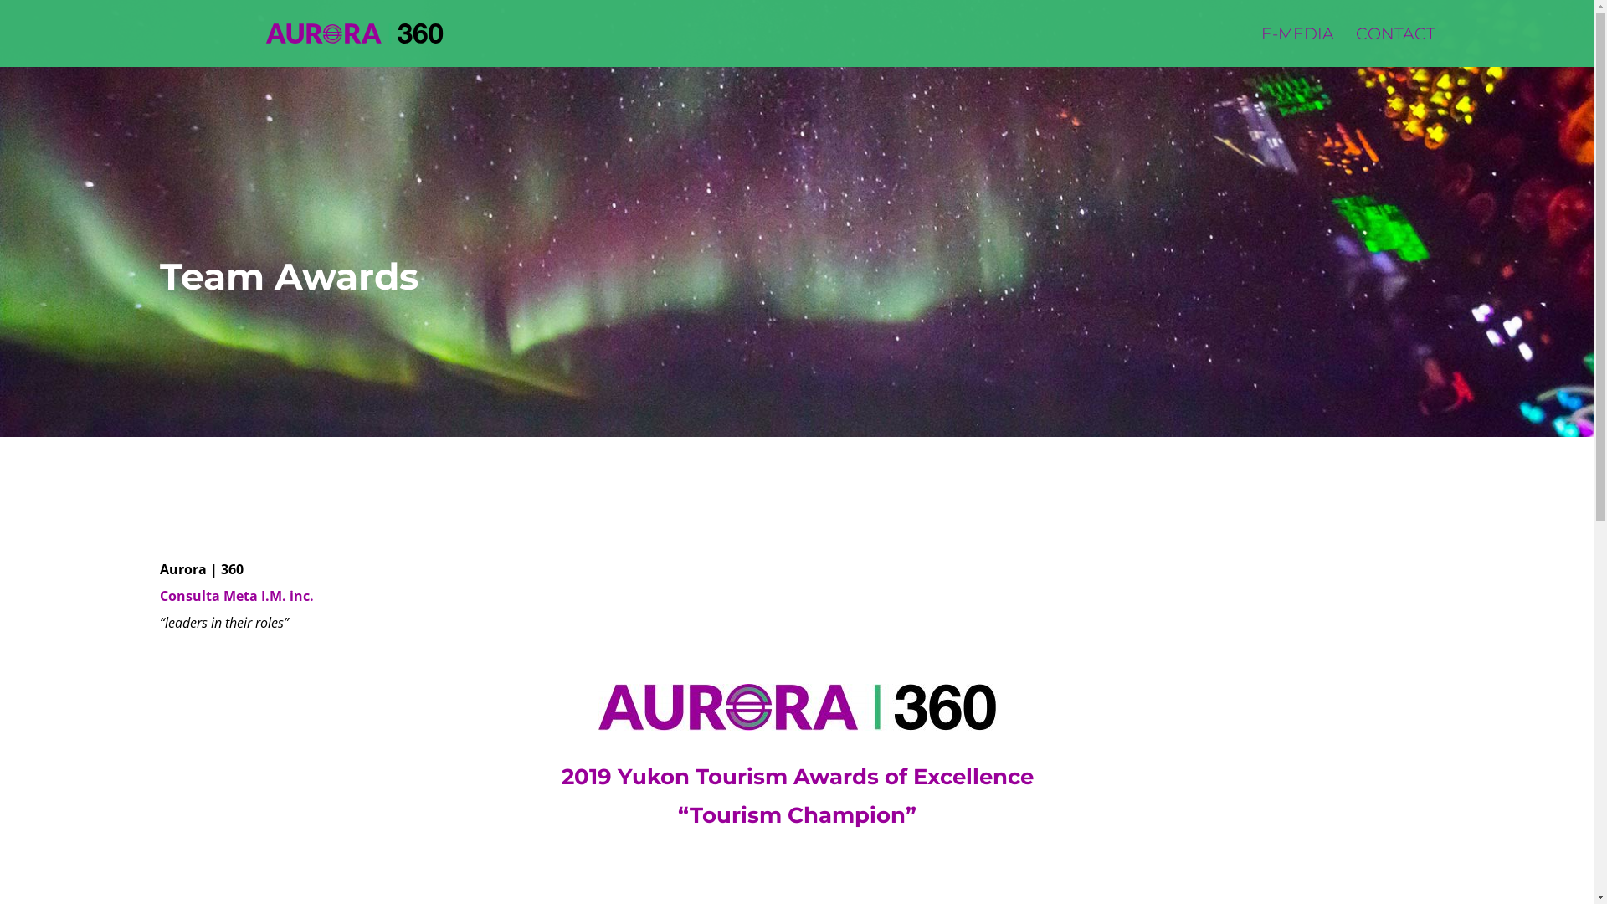  Describe the element at coordinates (1260, 46) in the screenshot. I see `'E-MEDIA'` at that location.